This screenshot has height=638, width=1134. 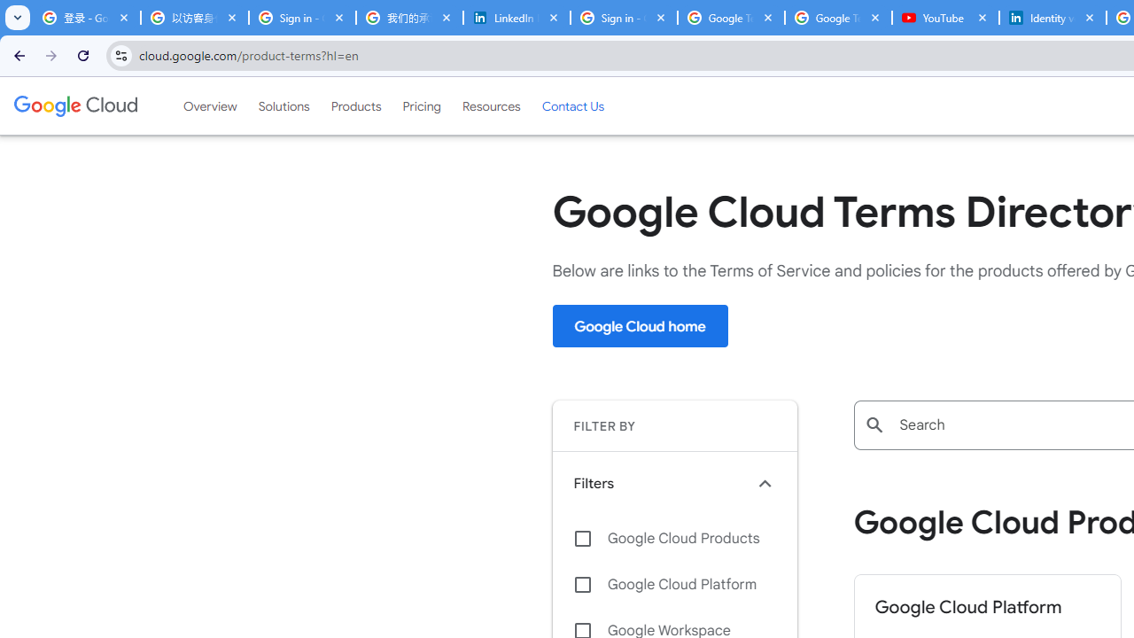 What do you see at coordinates (639, 325) in the screenshot?
I see `'Google Cloud home'` at bounding box center [639, 325].